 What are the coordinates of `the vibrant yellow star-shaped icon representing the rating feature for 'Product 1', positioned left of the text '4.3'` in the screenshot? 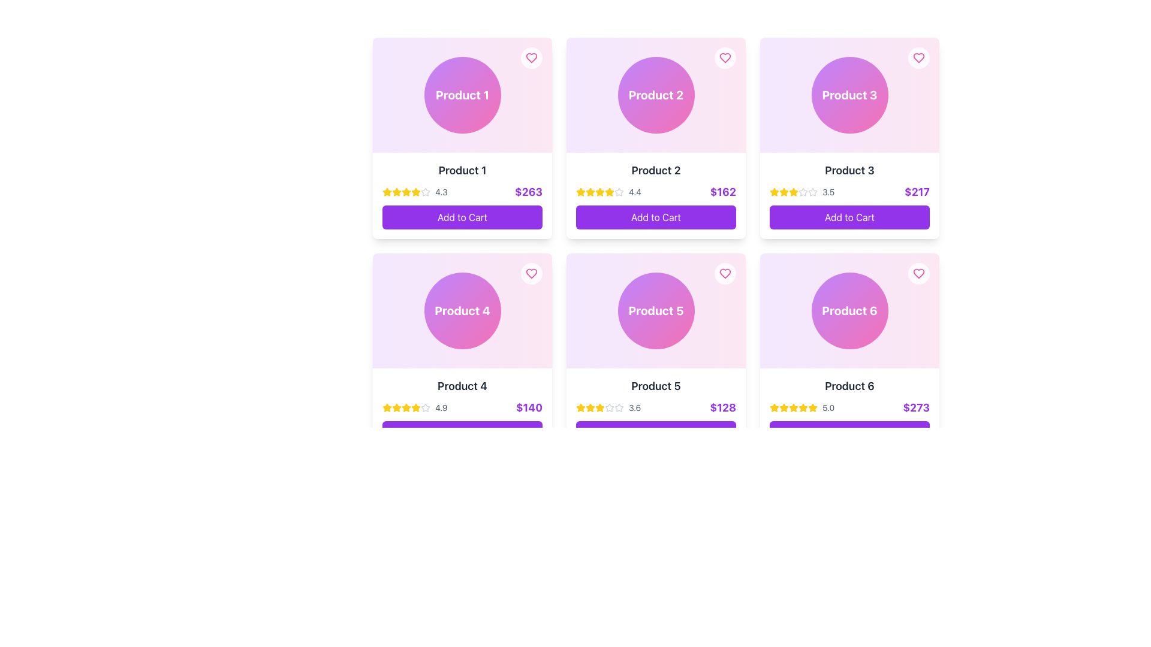 It's located at (387, 191).